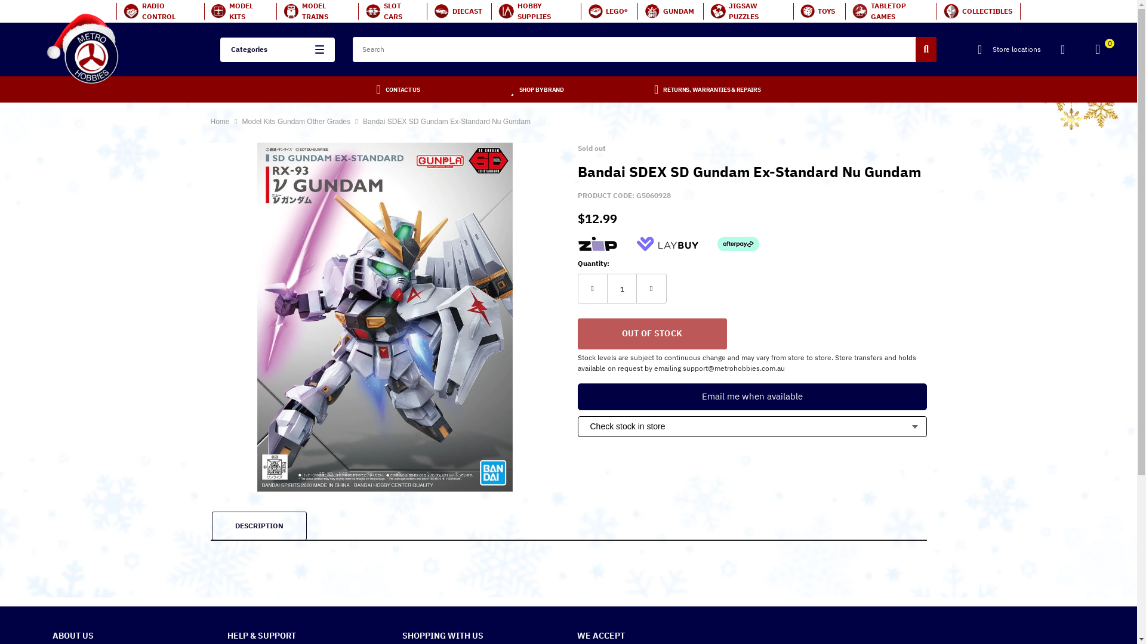 Image resolution: width=1146 pixels, height=644 pixels. I want to click on 'CONTACT US', so click(386, 88).